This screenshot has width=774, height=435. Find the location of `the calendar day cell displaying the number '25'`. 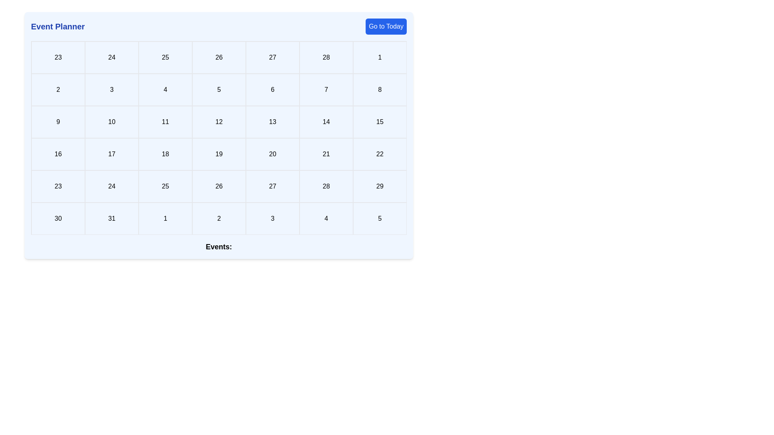

the calendar day cell displaying the number '25' is located at coordinates (165, 186).